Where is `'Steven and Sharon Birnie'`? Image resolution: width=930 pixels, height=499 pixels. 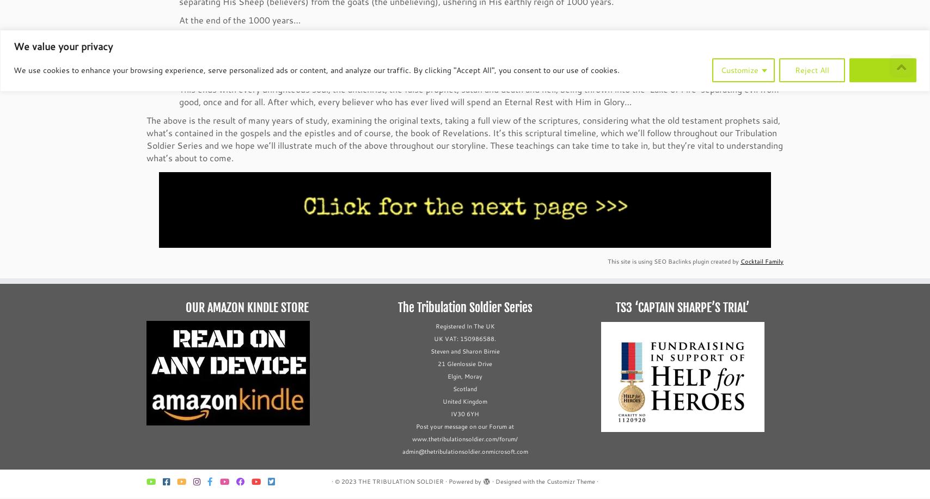
'Steven and Sharon Birnie' is located at coordinates (464, 351).